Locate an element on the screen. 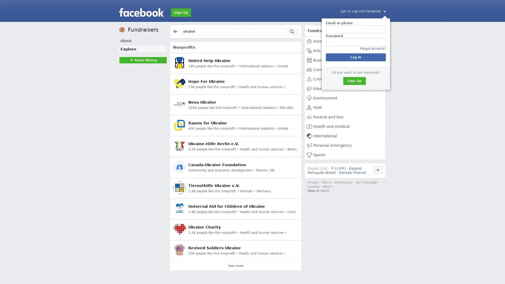 The height and width of the screenshot is (284, 505). Sign Up is located at coordinates (181, 12).